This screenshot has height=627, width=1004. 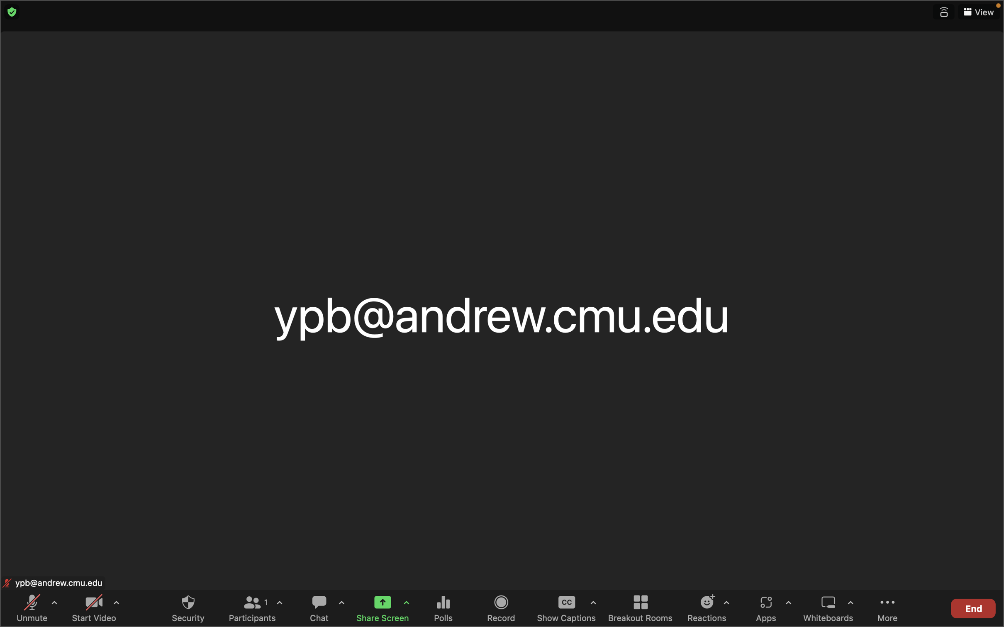 I want to click on the option to conclude the meeting, so click(x=972, y=607).